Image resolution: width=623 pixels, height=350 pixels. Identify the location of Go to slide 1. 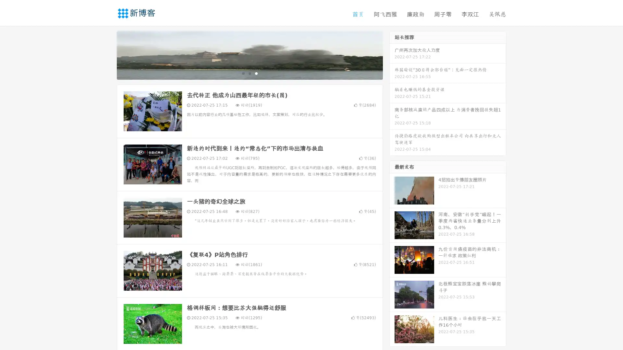
(243, 73).